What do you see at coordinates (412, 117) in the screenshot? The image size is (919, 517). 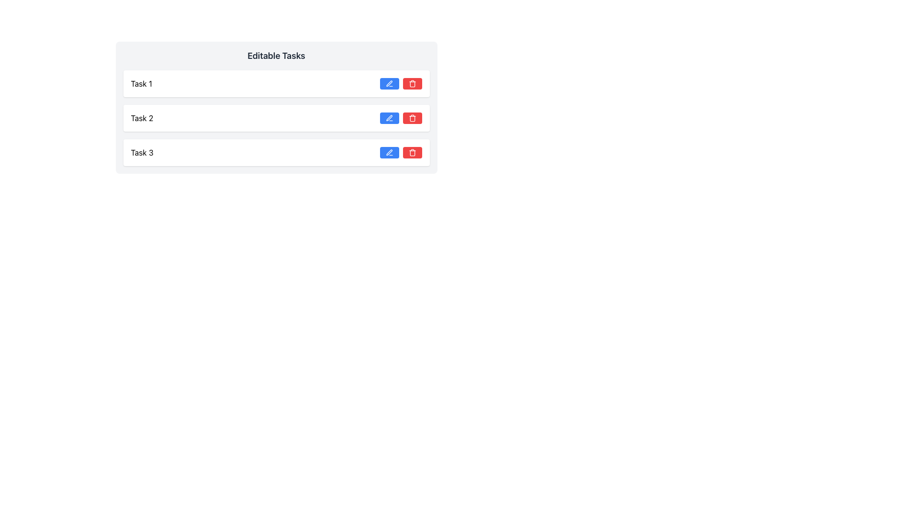 I see `the delete button for 'Task 2'` at bounding box center [412, 117].